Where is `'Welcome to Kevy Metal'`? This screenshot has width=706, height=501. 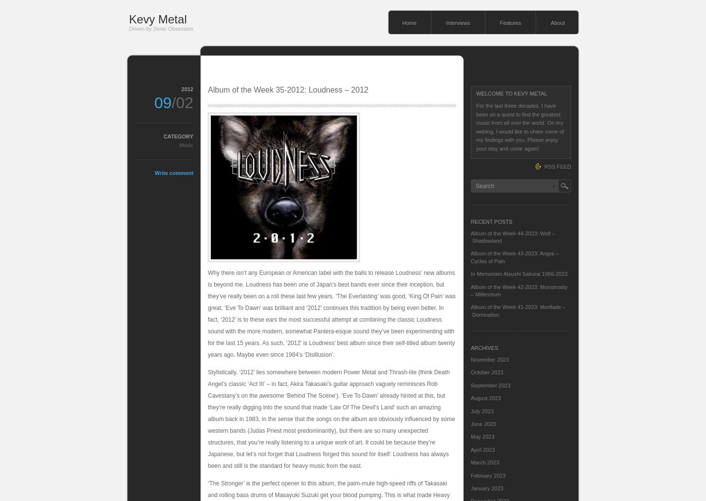
'Welcome to Kevy Metal' is located at coordinates (476, 94).